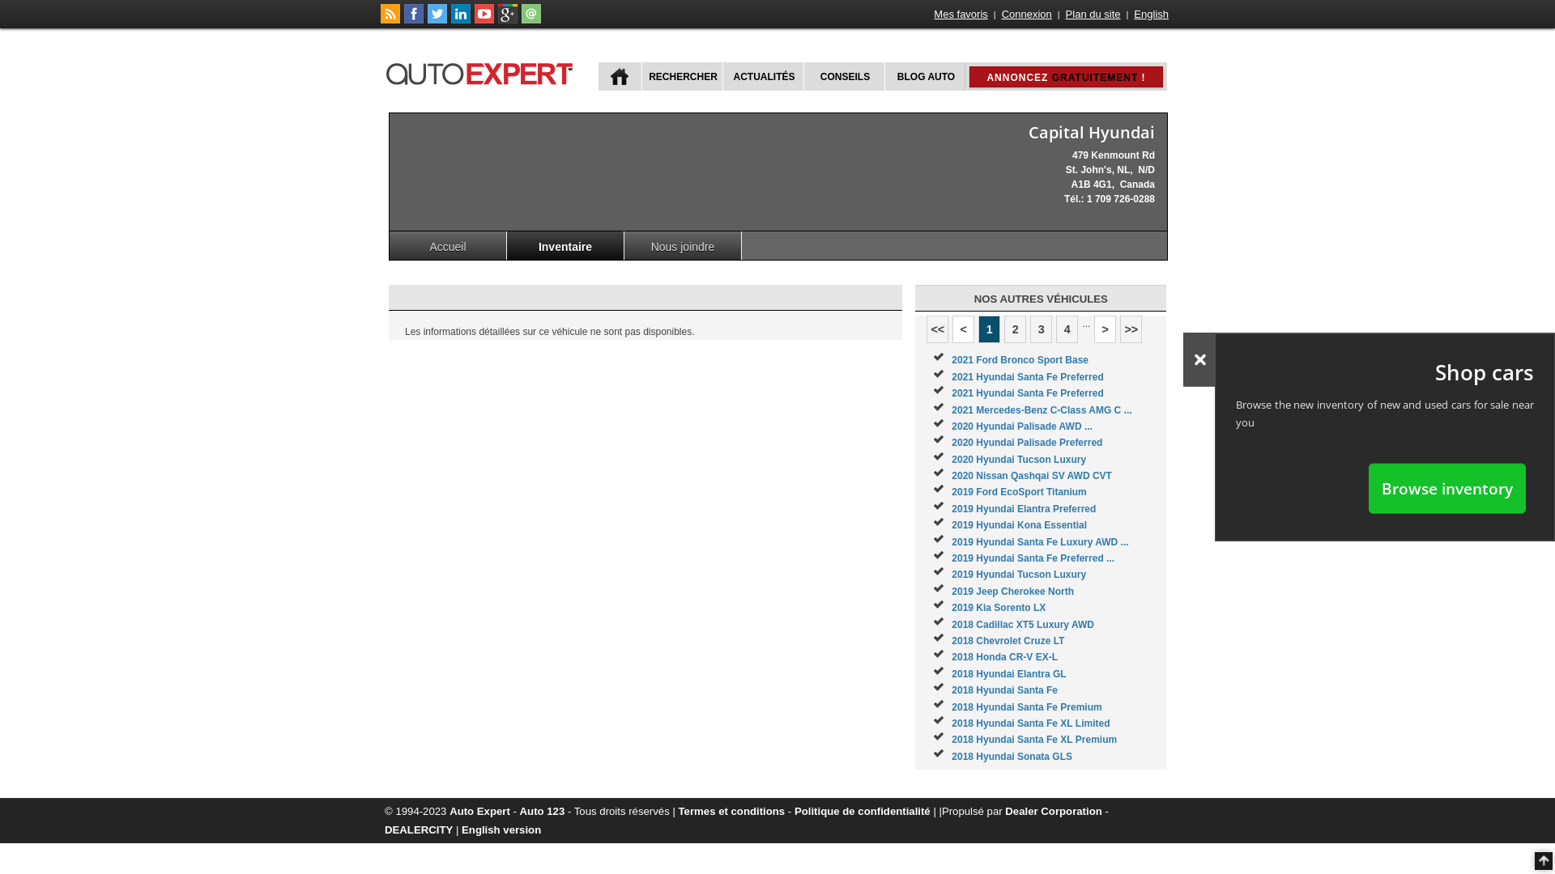 The image size is (1555, 874). Describe the element at coordinates (842, 76) in the screenshot. I see `'CONSEILS'` at that location.